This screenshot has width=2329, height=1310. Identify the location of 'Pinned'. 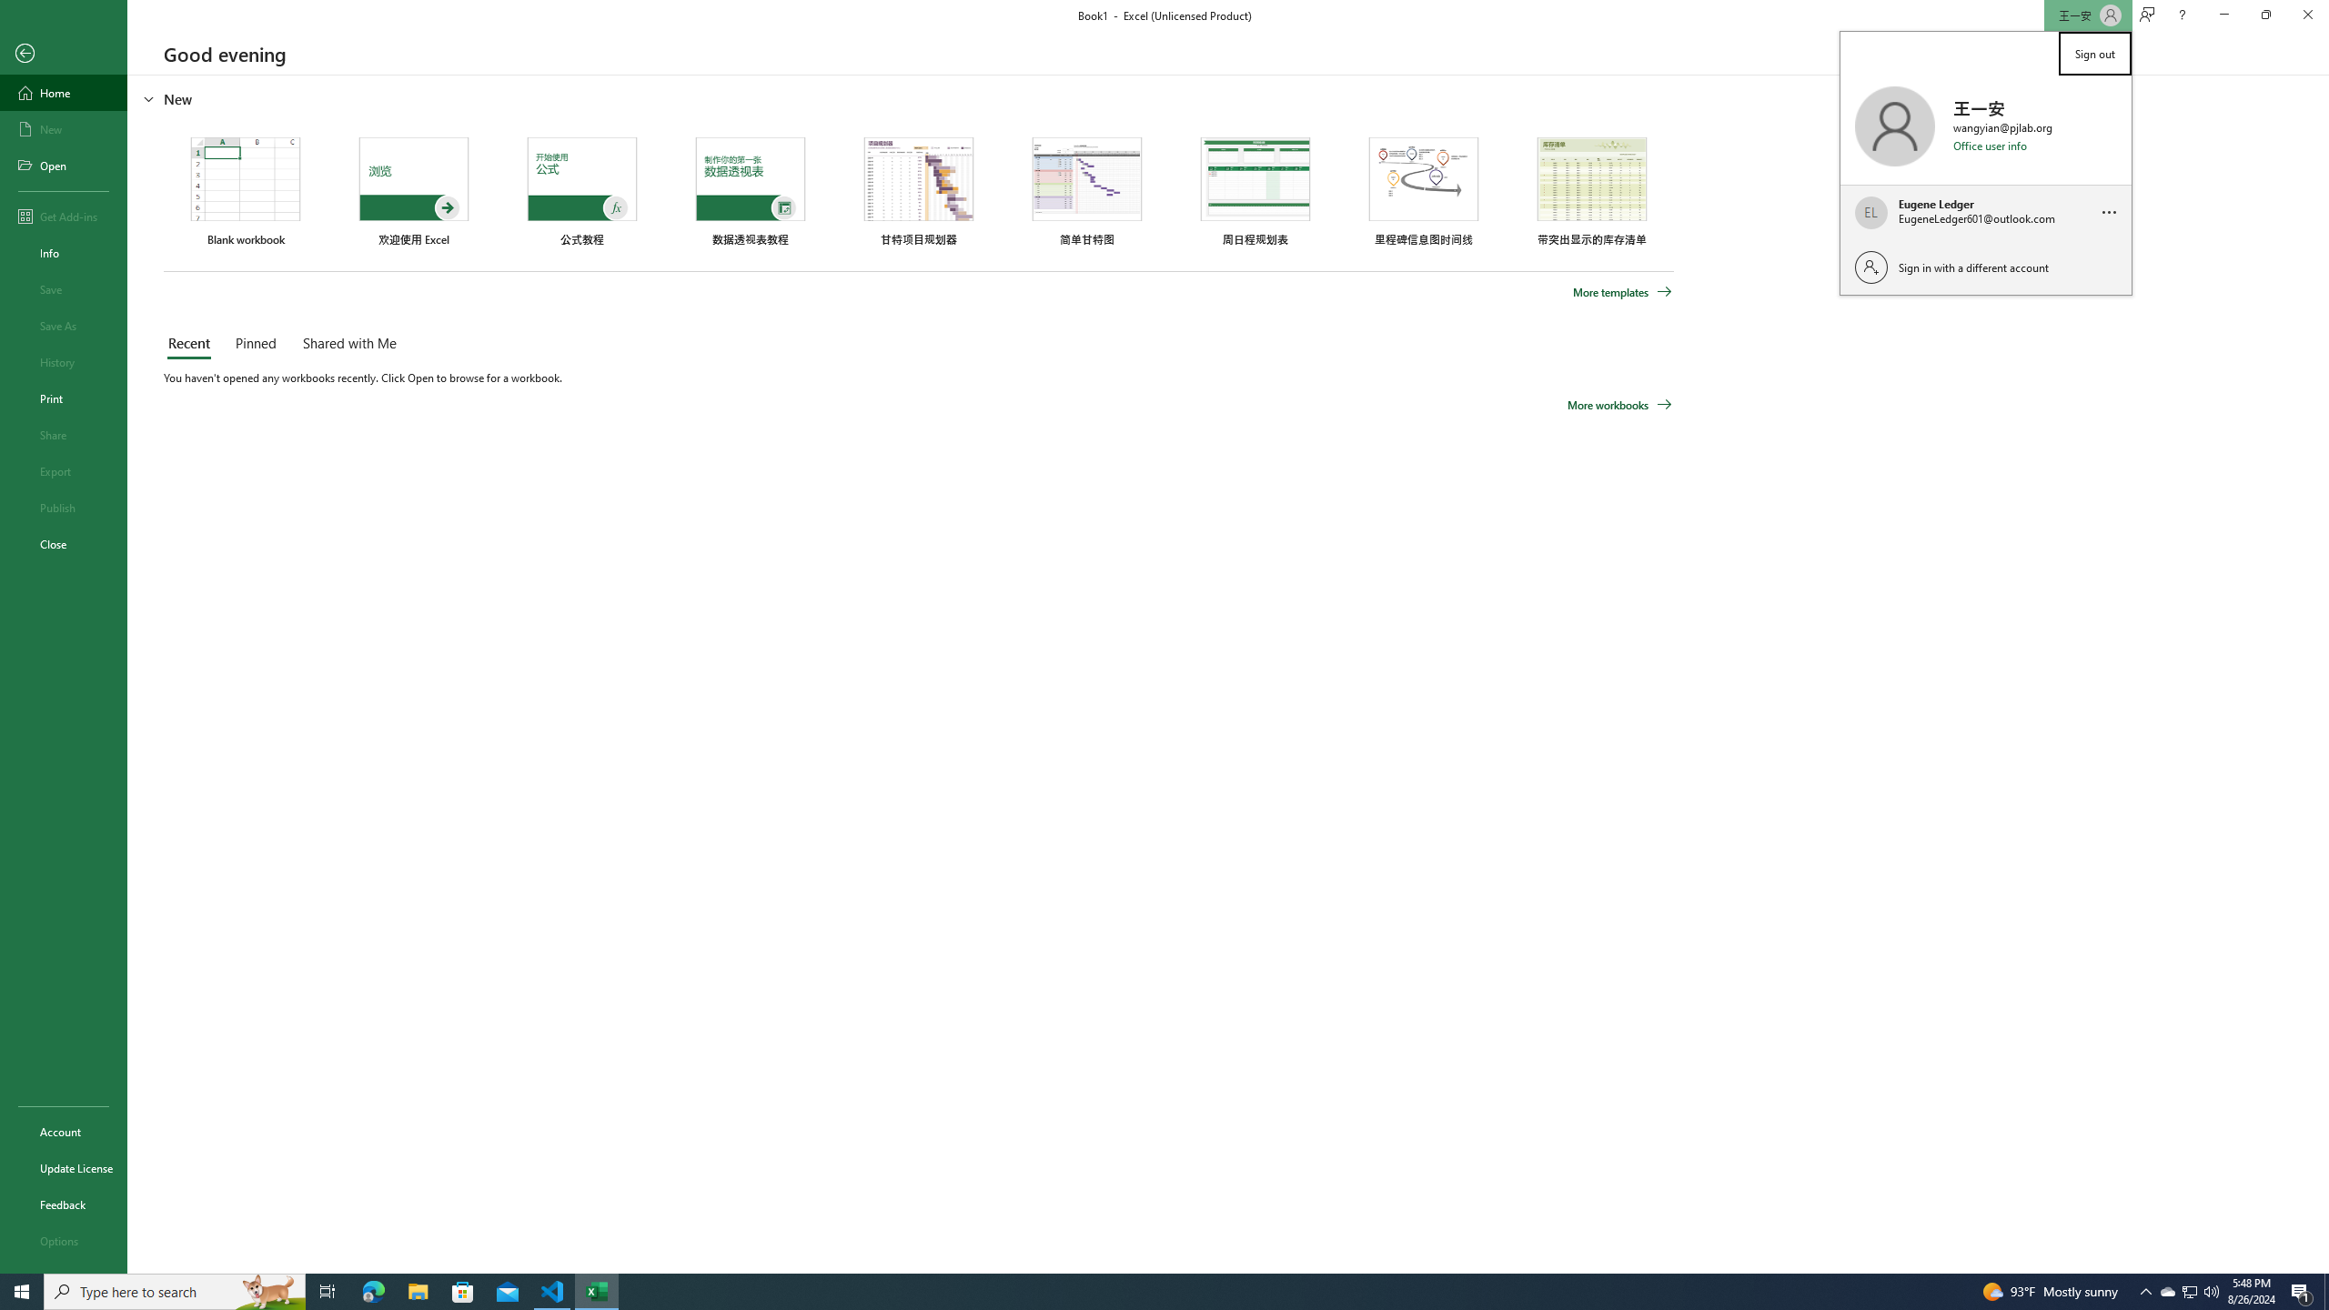
(255, 344).